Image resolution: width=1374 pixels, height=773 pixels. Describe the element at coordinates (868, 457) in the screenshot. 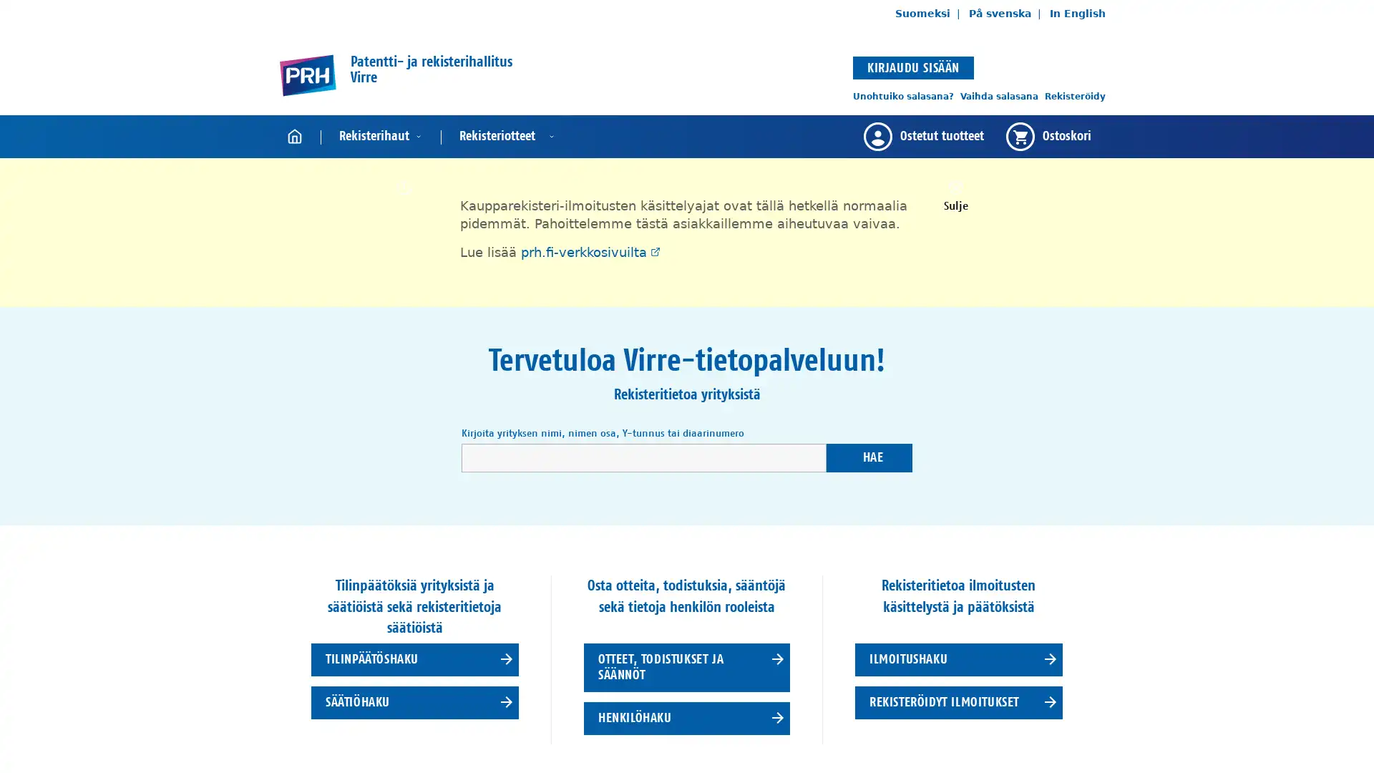

I see `HAE` at that location.